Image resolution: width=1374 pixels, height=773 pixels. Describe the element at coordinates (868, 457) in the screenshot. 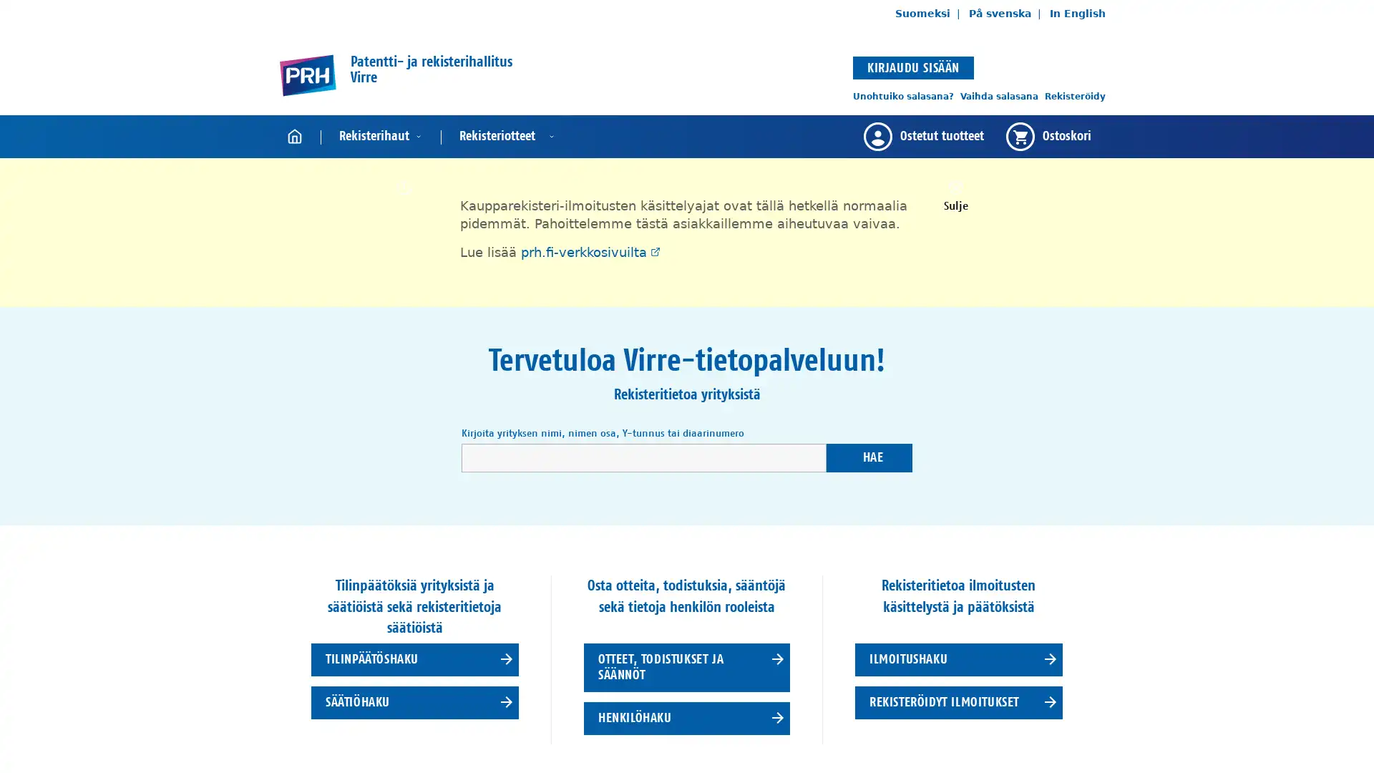

I see `HAE` at that location.